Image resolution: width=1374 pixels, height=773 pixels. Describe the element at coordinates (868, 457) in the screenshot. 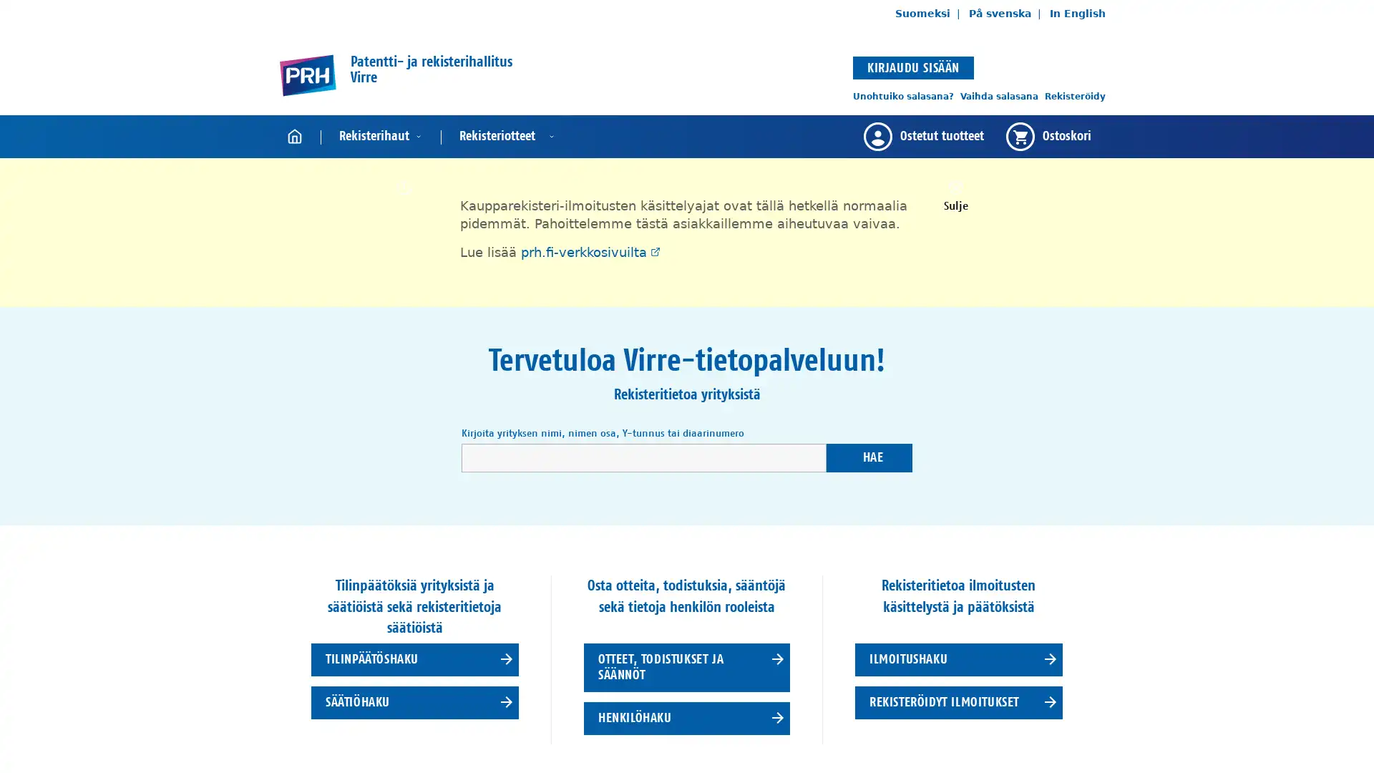

I see `HAE` at that location.